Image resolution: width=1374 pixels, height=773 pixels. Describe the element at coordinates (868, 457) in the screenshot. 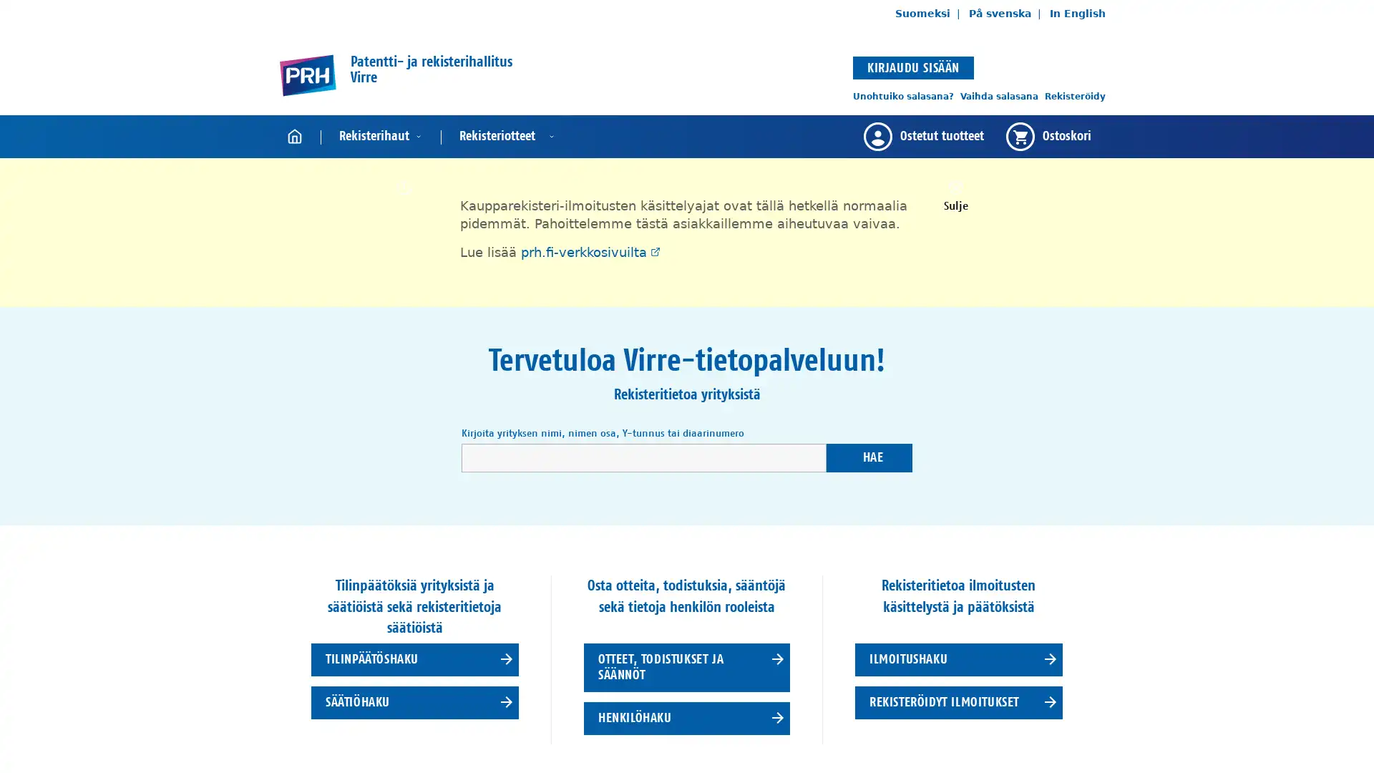

I see `HAE` at that location.